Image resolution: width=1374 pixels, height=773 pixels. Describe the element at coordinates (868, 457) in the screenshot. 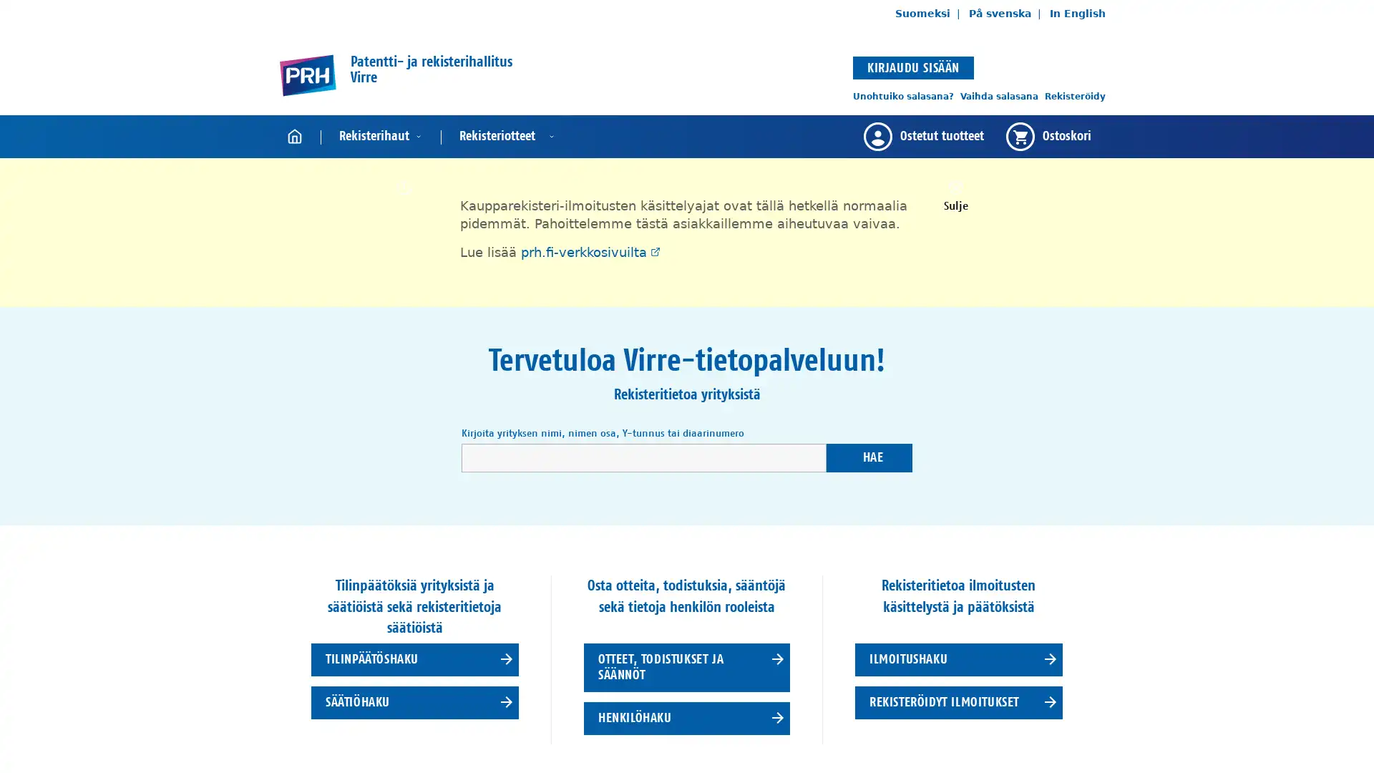

I see `HAE` at that location.